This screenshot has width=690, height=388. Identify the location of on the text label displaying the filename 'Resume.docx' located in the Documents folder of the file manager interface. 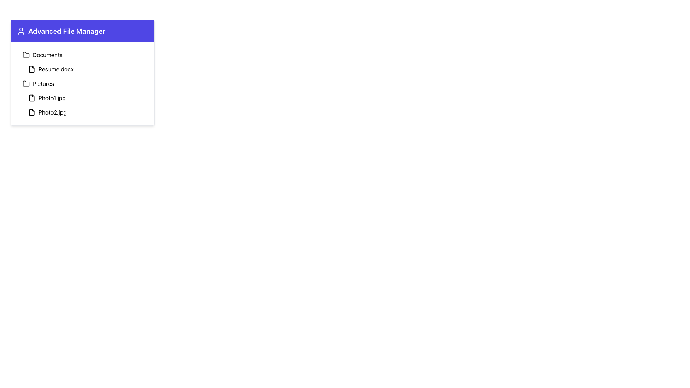
(55, 69).